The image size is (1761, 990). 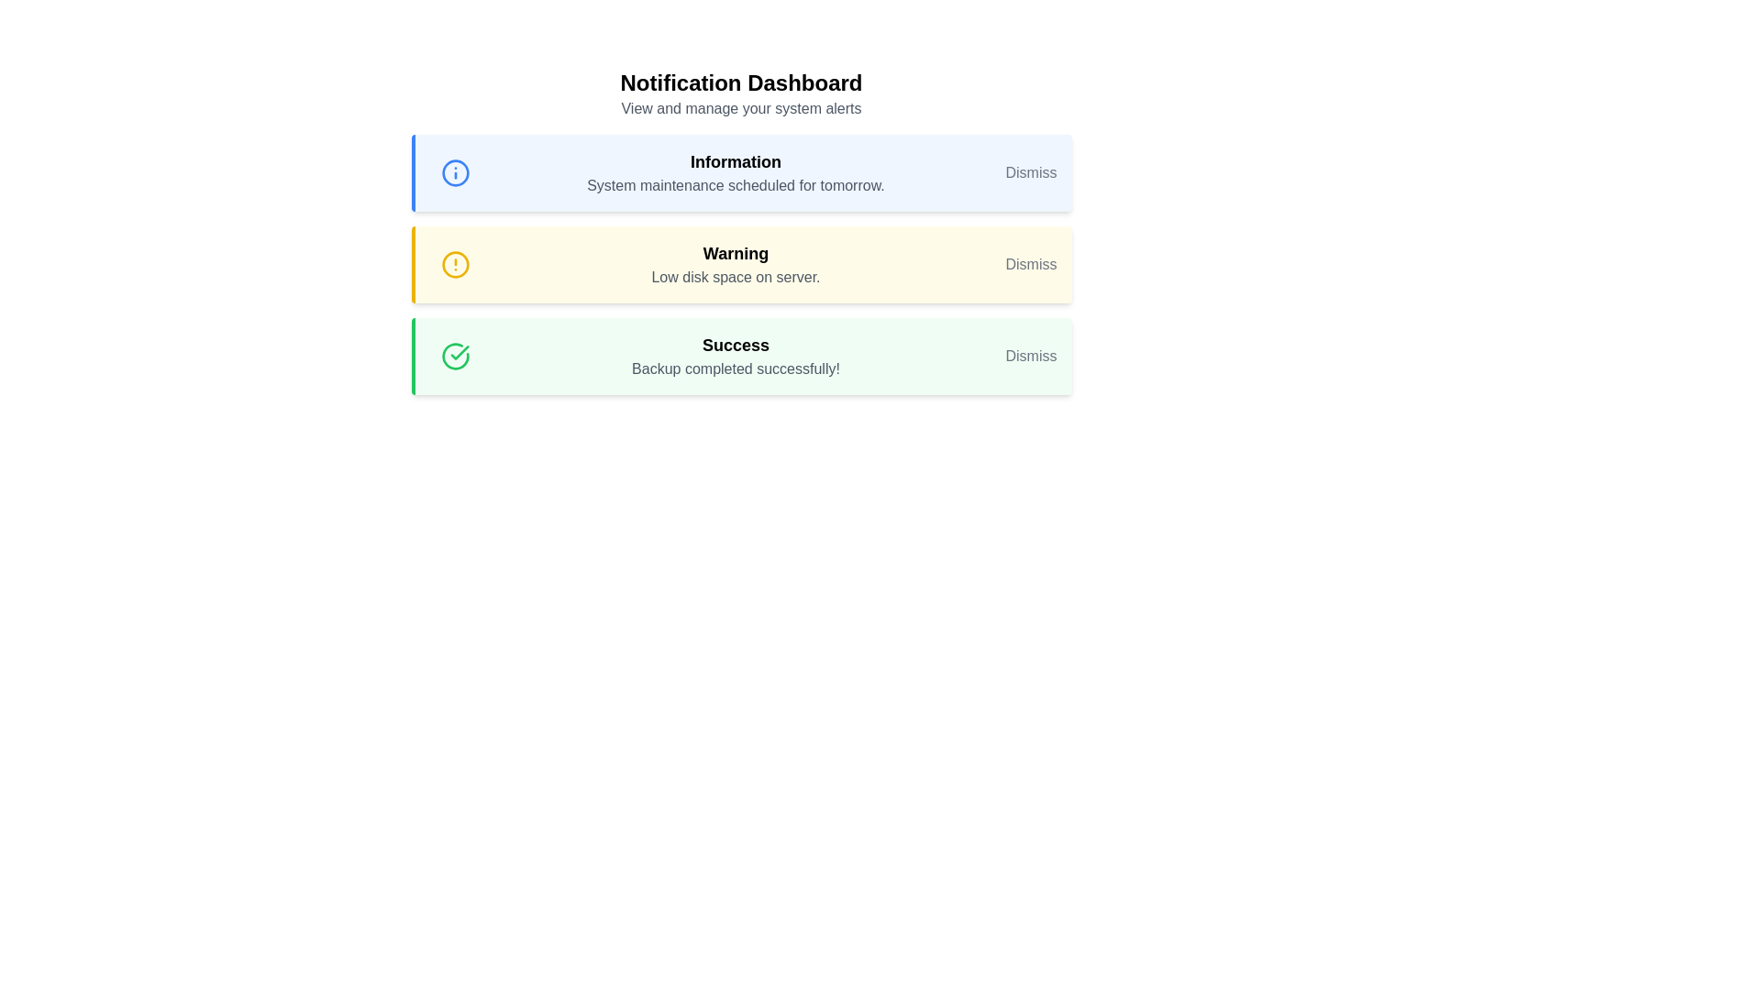 I want to click on the yellow circular outline of the warning notification icon, which is centered within the warning icon located to the left of the 'Warning' title, so click(x=455, y=265).